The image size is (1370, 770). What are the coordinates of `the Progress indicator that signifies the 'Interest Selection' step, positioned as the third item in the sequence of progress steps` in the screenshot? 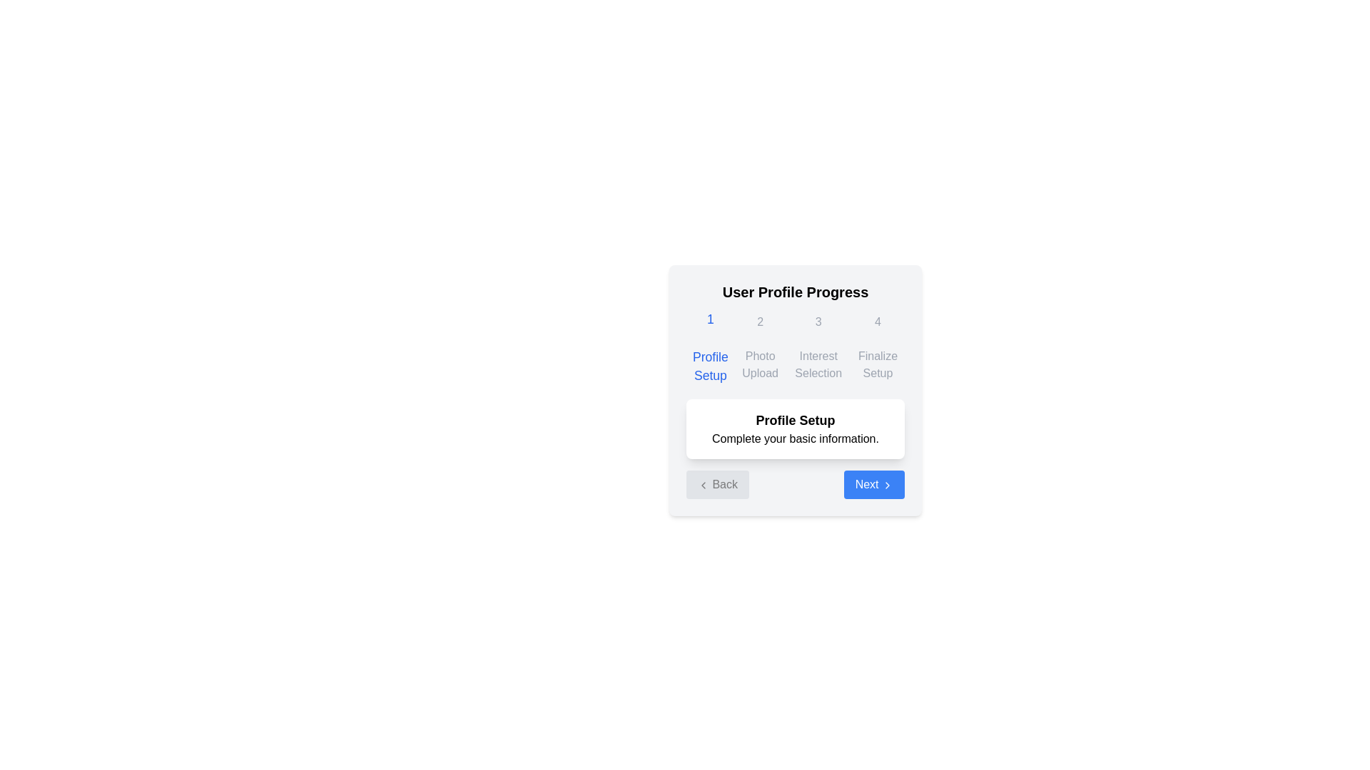 It's located at (818, 327).